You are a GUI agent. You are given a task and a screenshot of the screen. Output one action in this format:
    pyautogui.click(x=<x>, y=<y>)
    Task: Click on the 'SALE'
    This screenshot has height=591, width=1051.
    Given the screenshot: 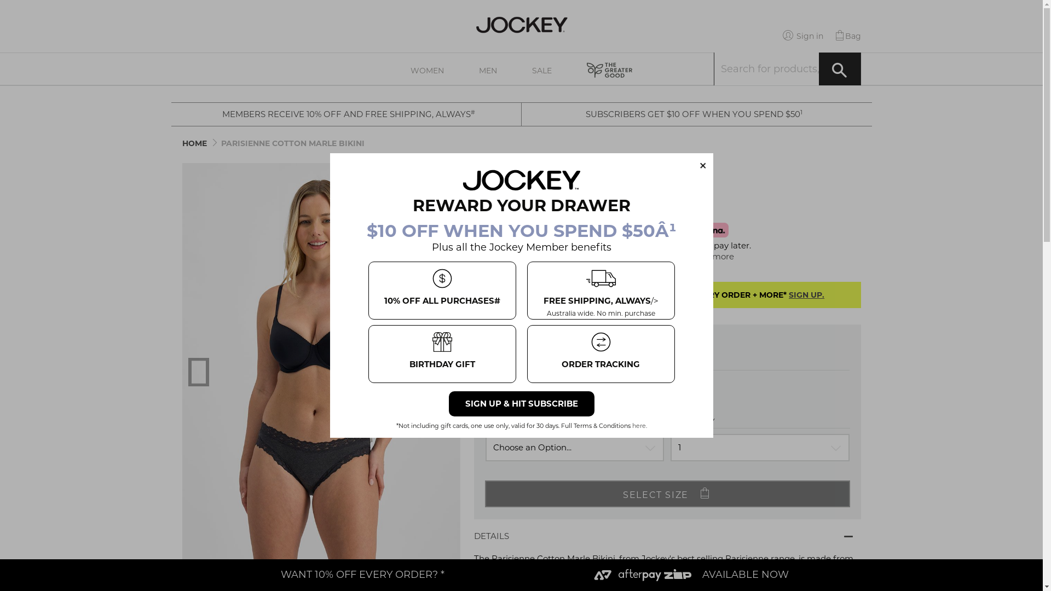 What is the action you would take?
    pyautogui.click(x=541, y=69)
    